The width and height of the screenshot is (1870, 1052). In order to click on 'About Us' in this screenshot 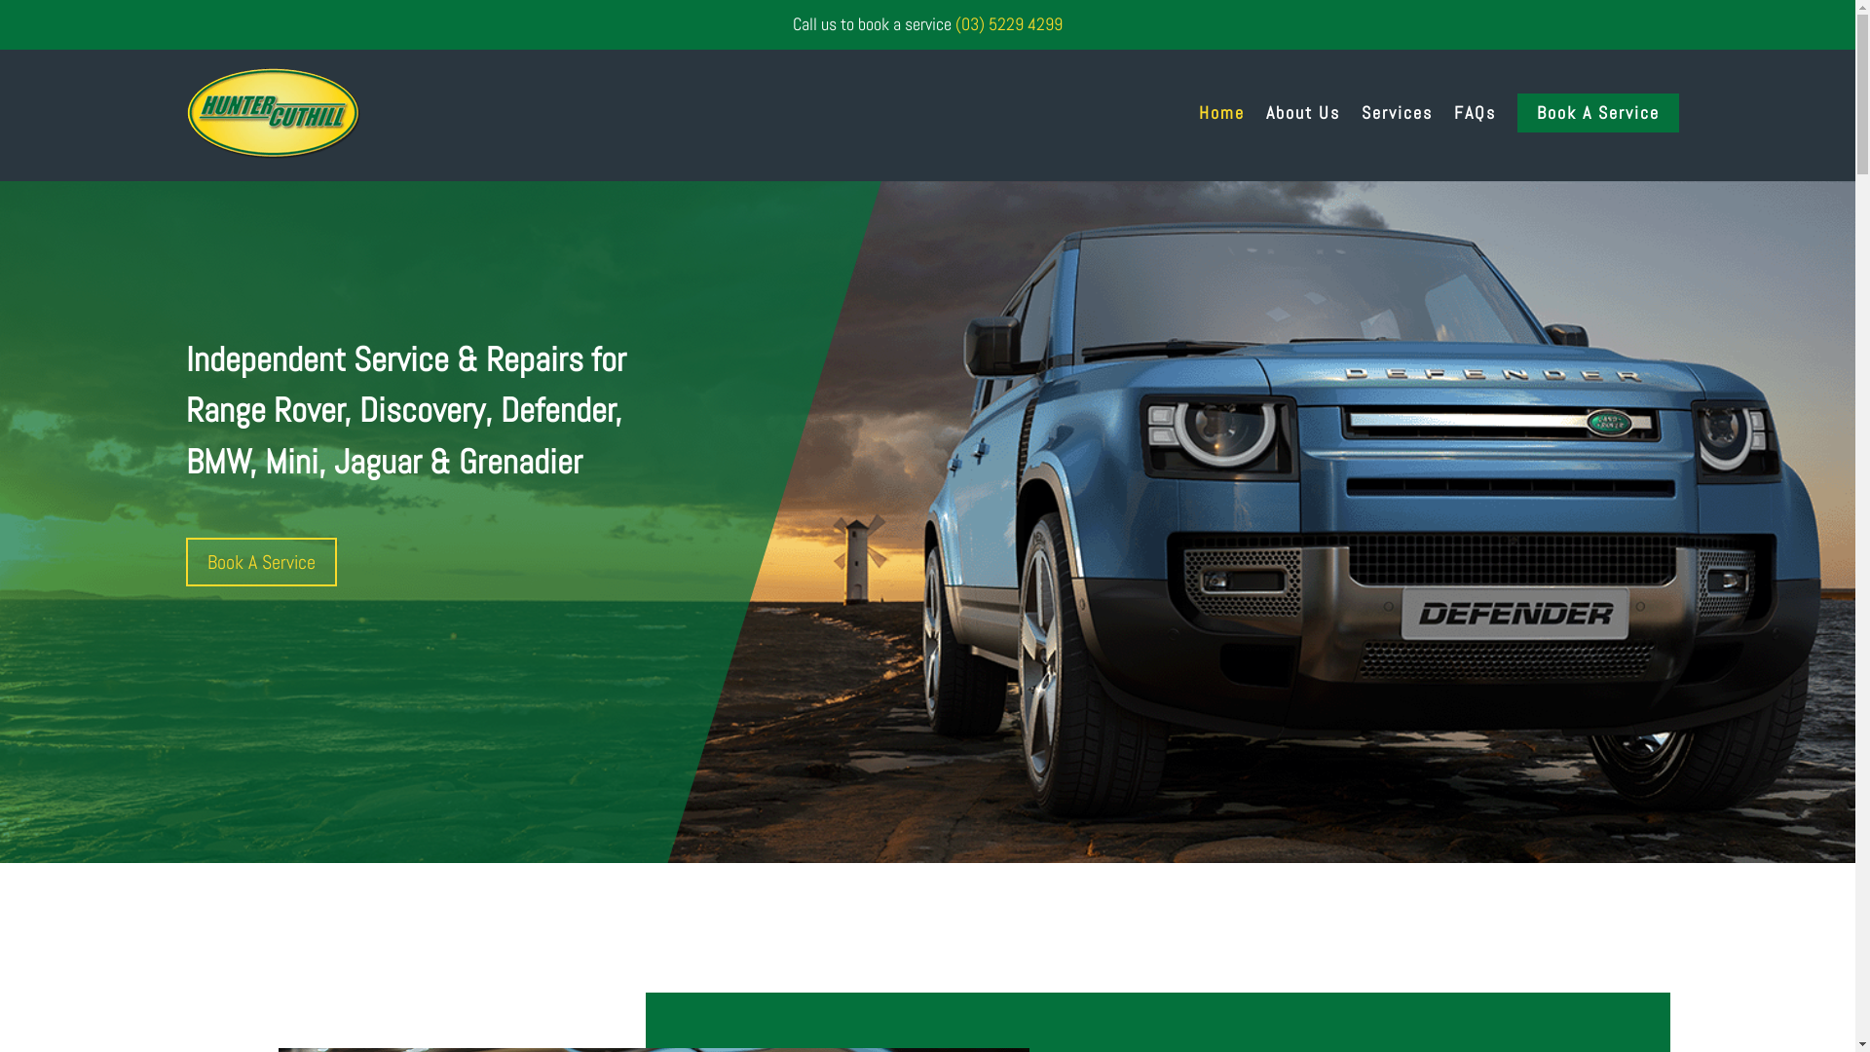, I will do `click(1266, 112)`.